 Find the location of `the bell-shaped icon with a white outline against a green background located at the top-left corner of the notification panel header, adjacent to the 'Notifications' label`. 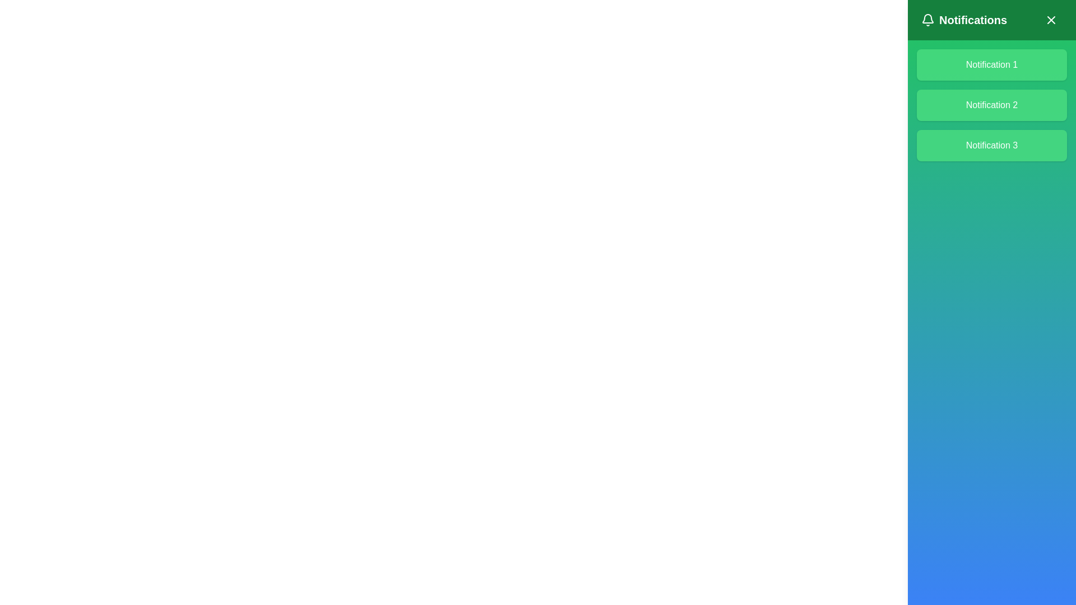

the bell-shaped icon with a white outline against a green background located at the top-left corner of the notification panel header, adjacent to the 'Notifications' label is located at coordinates (928, 20).